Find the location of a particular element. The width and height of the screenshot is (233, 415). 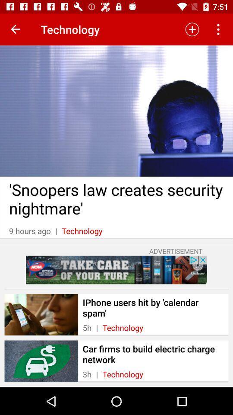

go back is located at coordinates (16, 29).